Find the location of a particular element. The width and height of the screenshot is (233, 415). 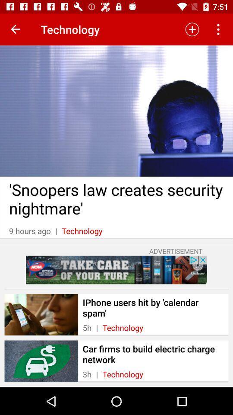

go back is located at coordinates (16, 29).